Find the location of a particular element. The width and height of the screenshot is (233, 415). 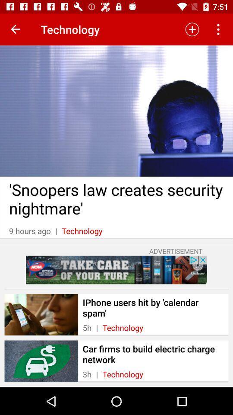

go back is located at coordinates (16, 29).